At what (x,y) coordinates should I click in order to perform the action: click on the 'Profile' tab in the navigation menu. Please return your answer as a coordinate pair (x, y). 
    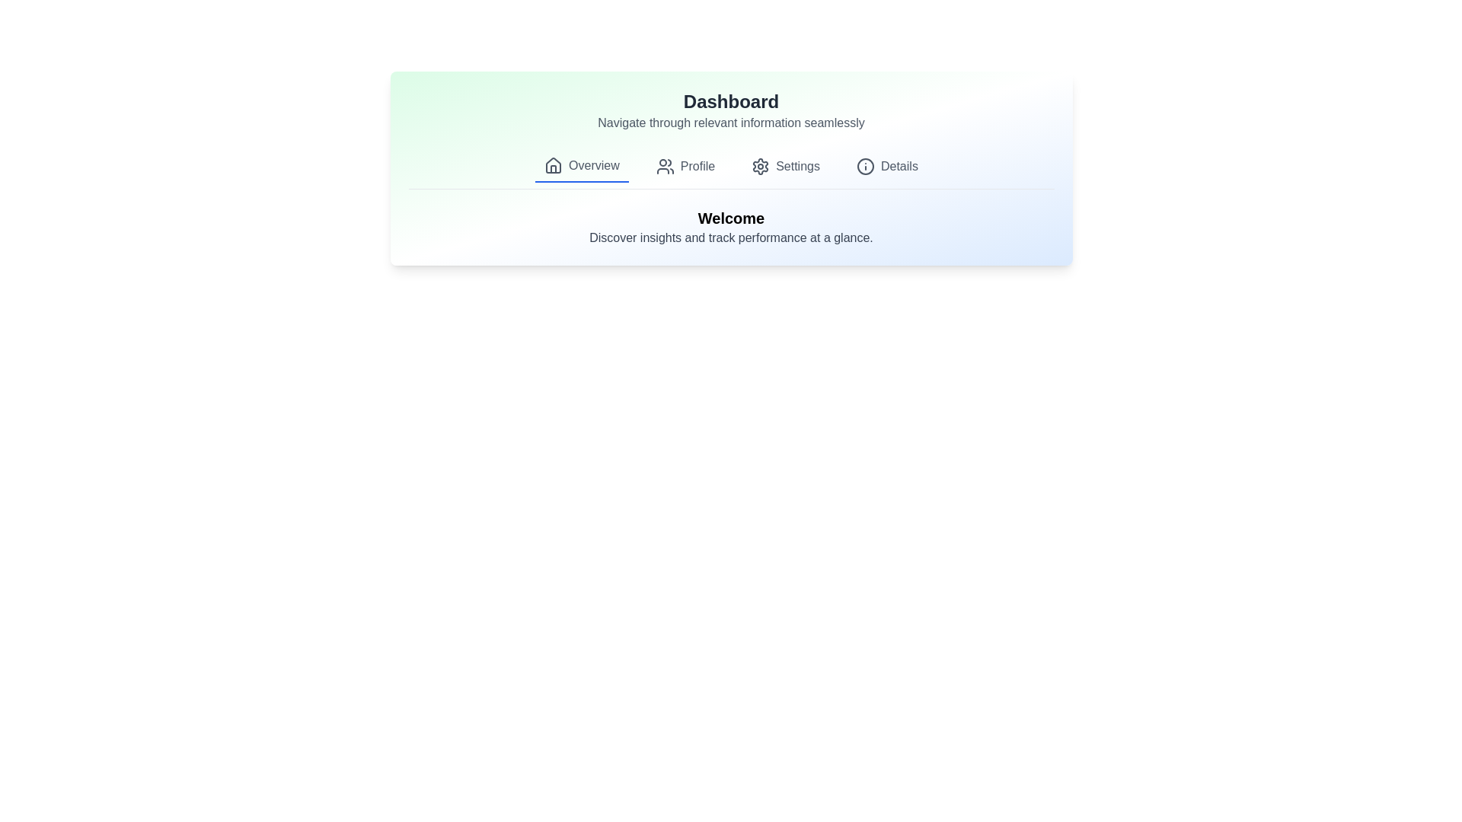
    Looking at the image, I should click on (685, 167).